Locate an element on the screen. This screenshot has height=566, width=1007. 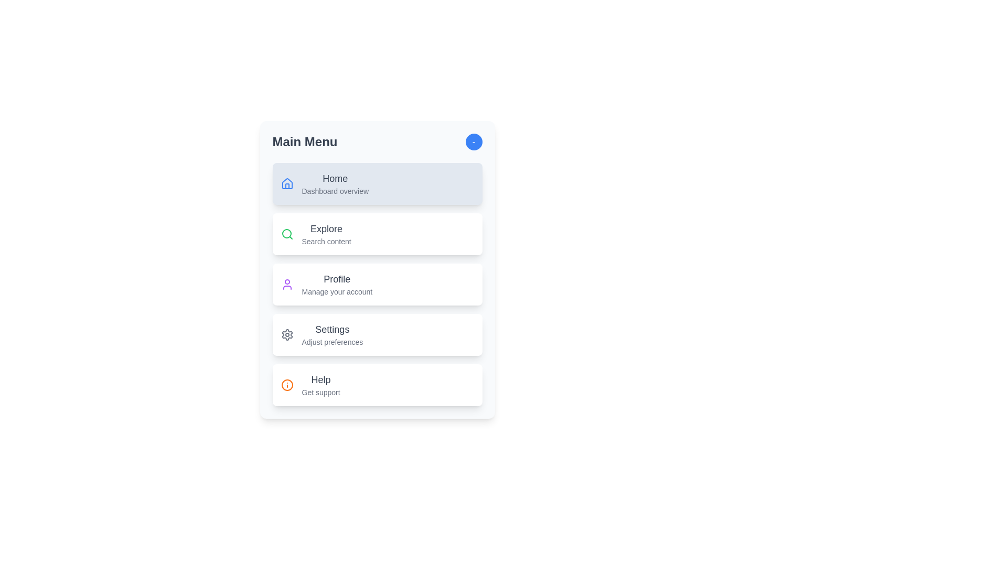
the menu item Settings by clicking on it is located at coordinates (377, 335).